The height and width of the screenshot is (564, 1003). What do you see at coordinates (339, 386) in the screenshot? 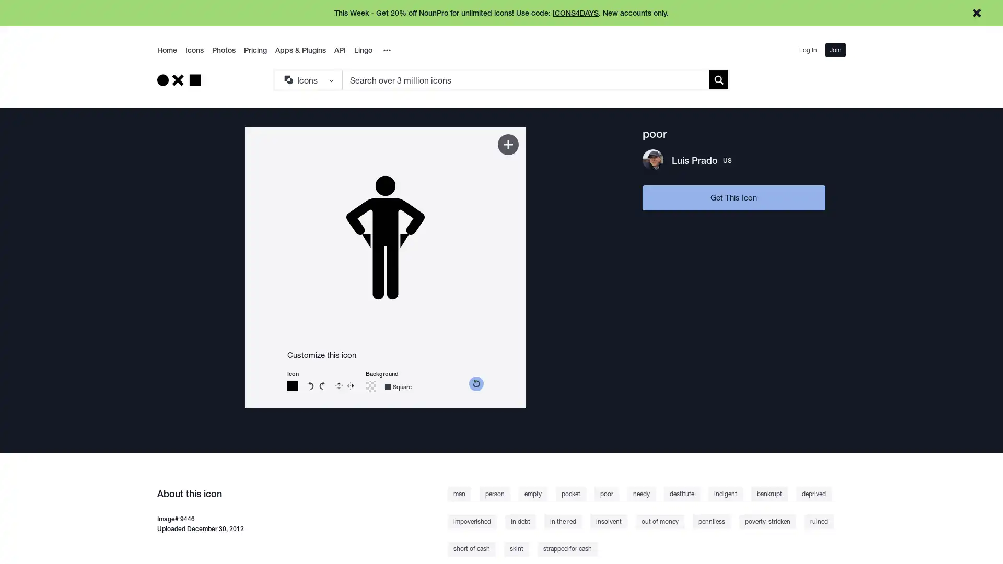
I see `Flip` at bounding box center [339, 386].